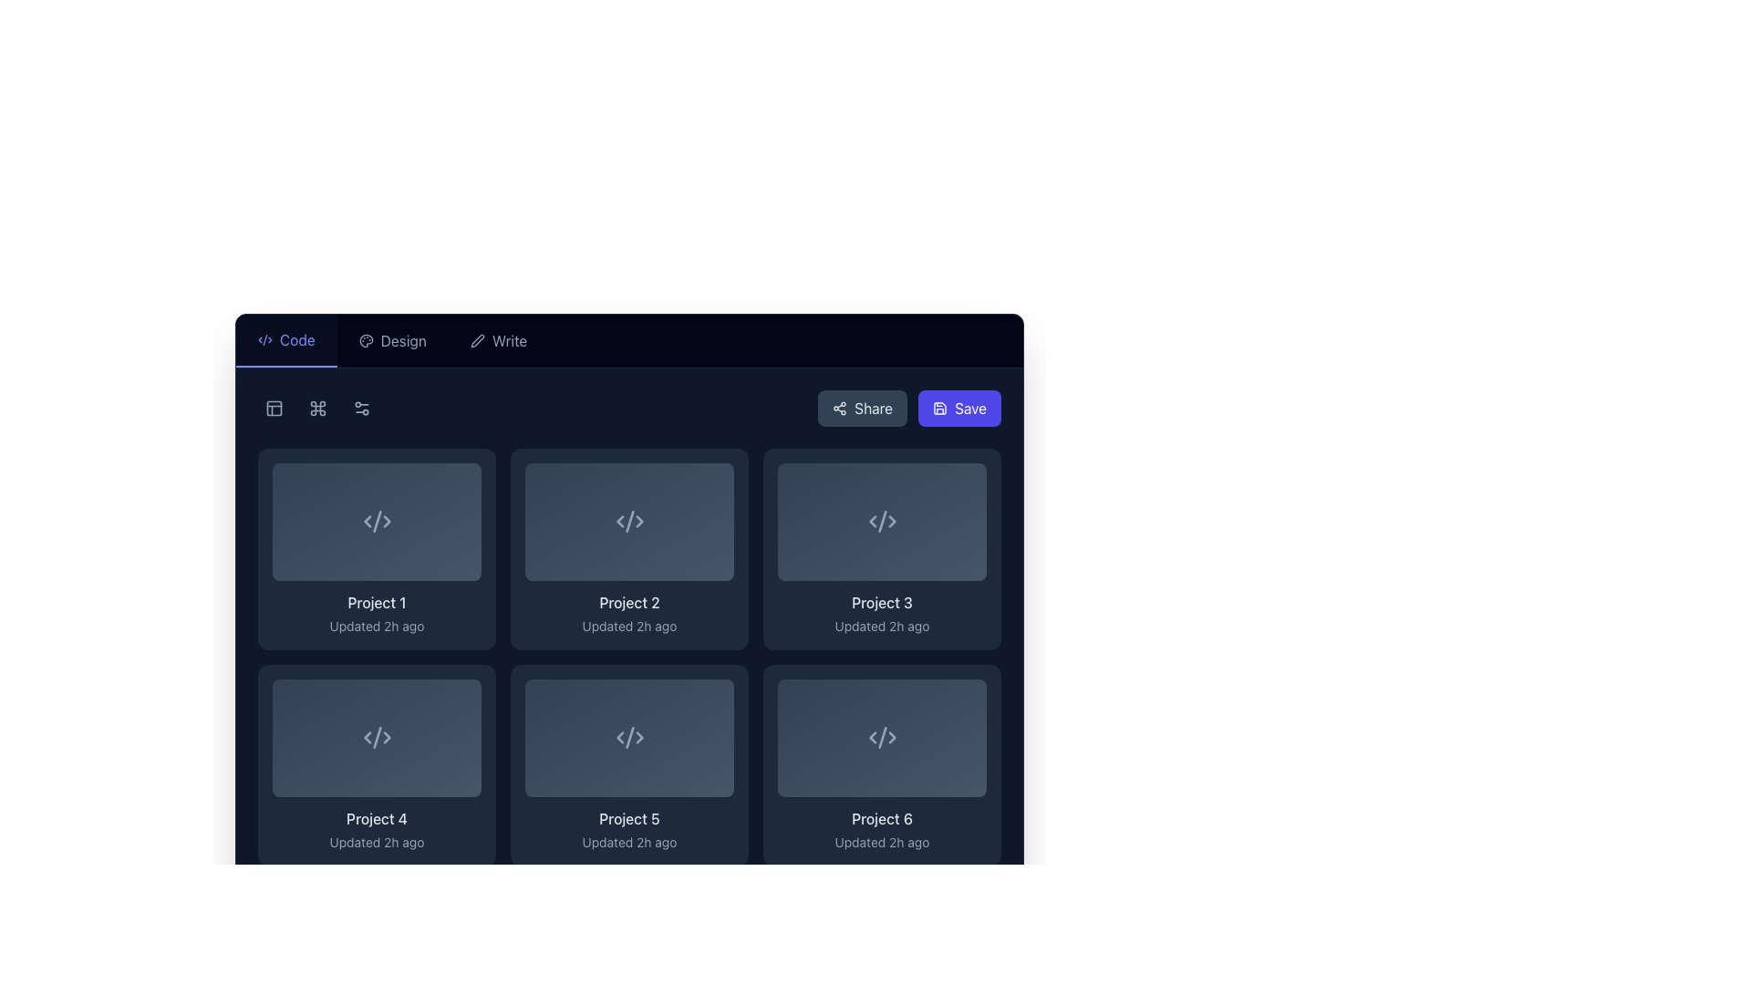 The width and height of the screenshot is (1751, 985). I want to click on the 'Code' tab navigation button, which is the first tab in the row, so click(285, 341).